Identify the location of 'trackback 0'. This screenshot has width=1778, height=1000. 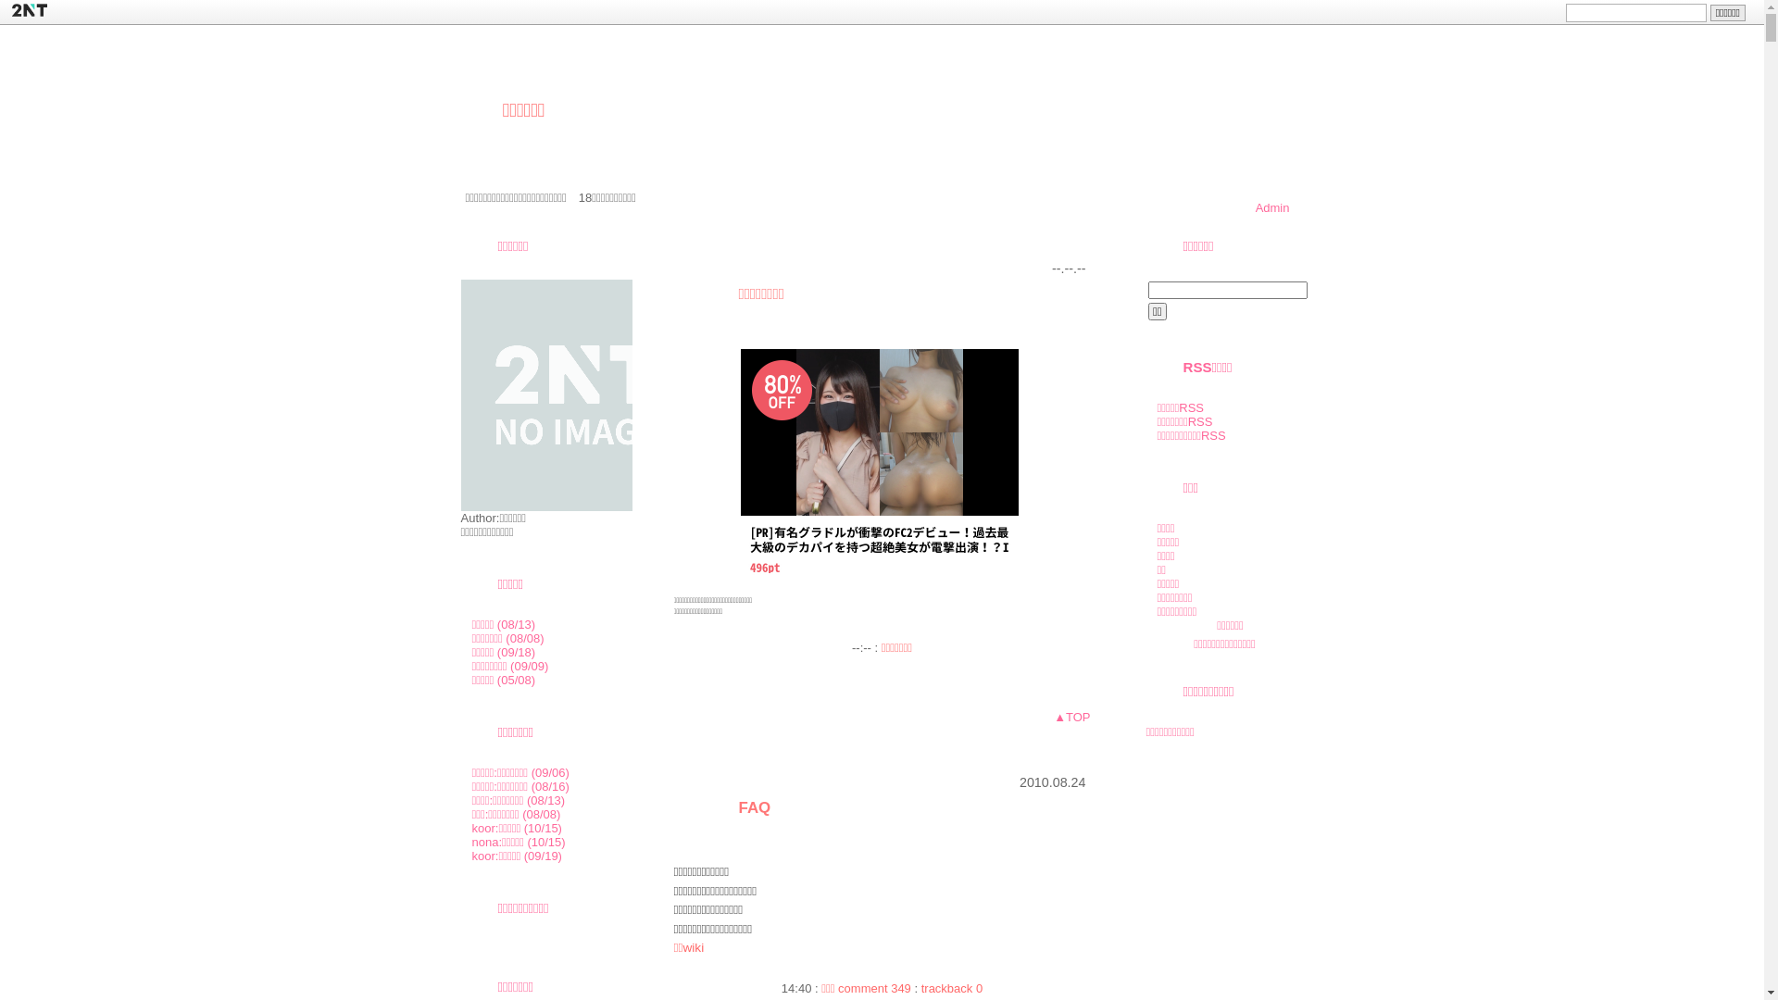
(951, 987).